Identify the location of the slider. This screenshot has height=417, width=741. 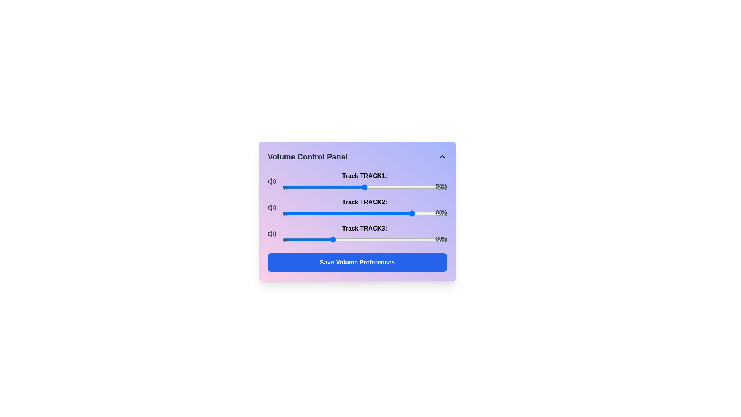
(392, 187).